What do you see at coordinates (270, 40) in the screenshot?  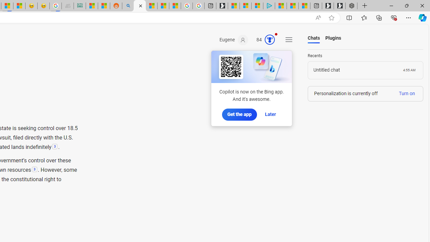 I see `'AutomationID: serp_medal_svg'` at bounding box center [270, 40].